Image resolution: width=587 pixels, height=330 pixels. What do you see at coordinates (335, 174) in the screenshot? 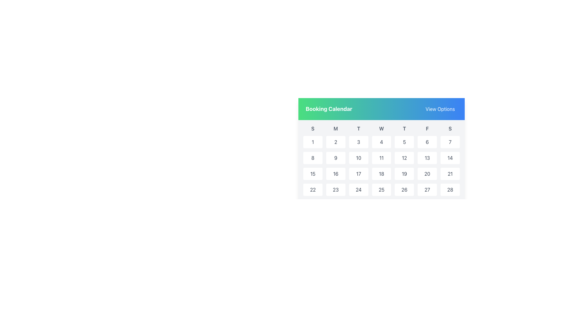
I see `the calendar date cell representing '16'` at bounding box center [335, 174].